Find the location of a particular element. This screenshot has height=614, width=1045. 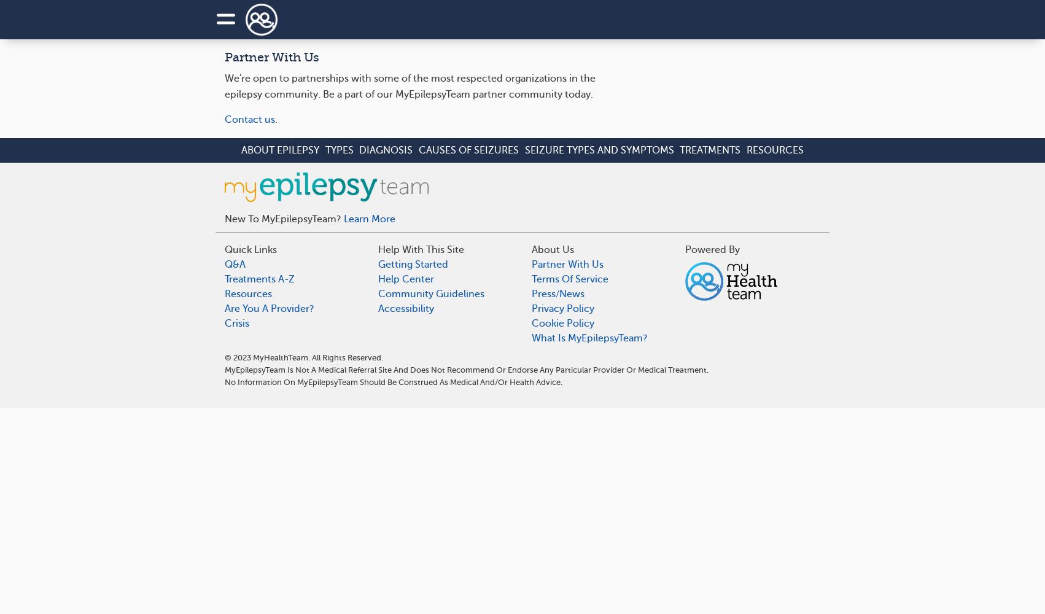

'New to MyEpilepsyTeam?' is located at coordinates (283, 218).